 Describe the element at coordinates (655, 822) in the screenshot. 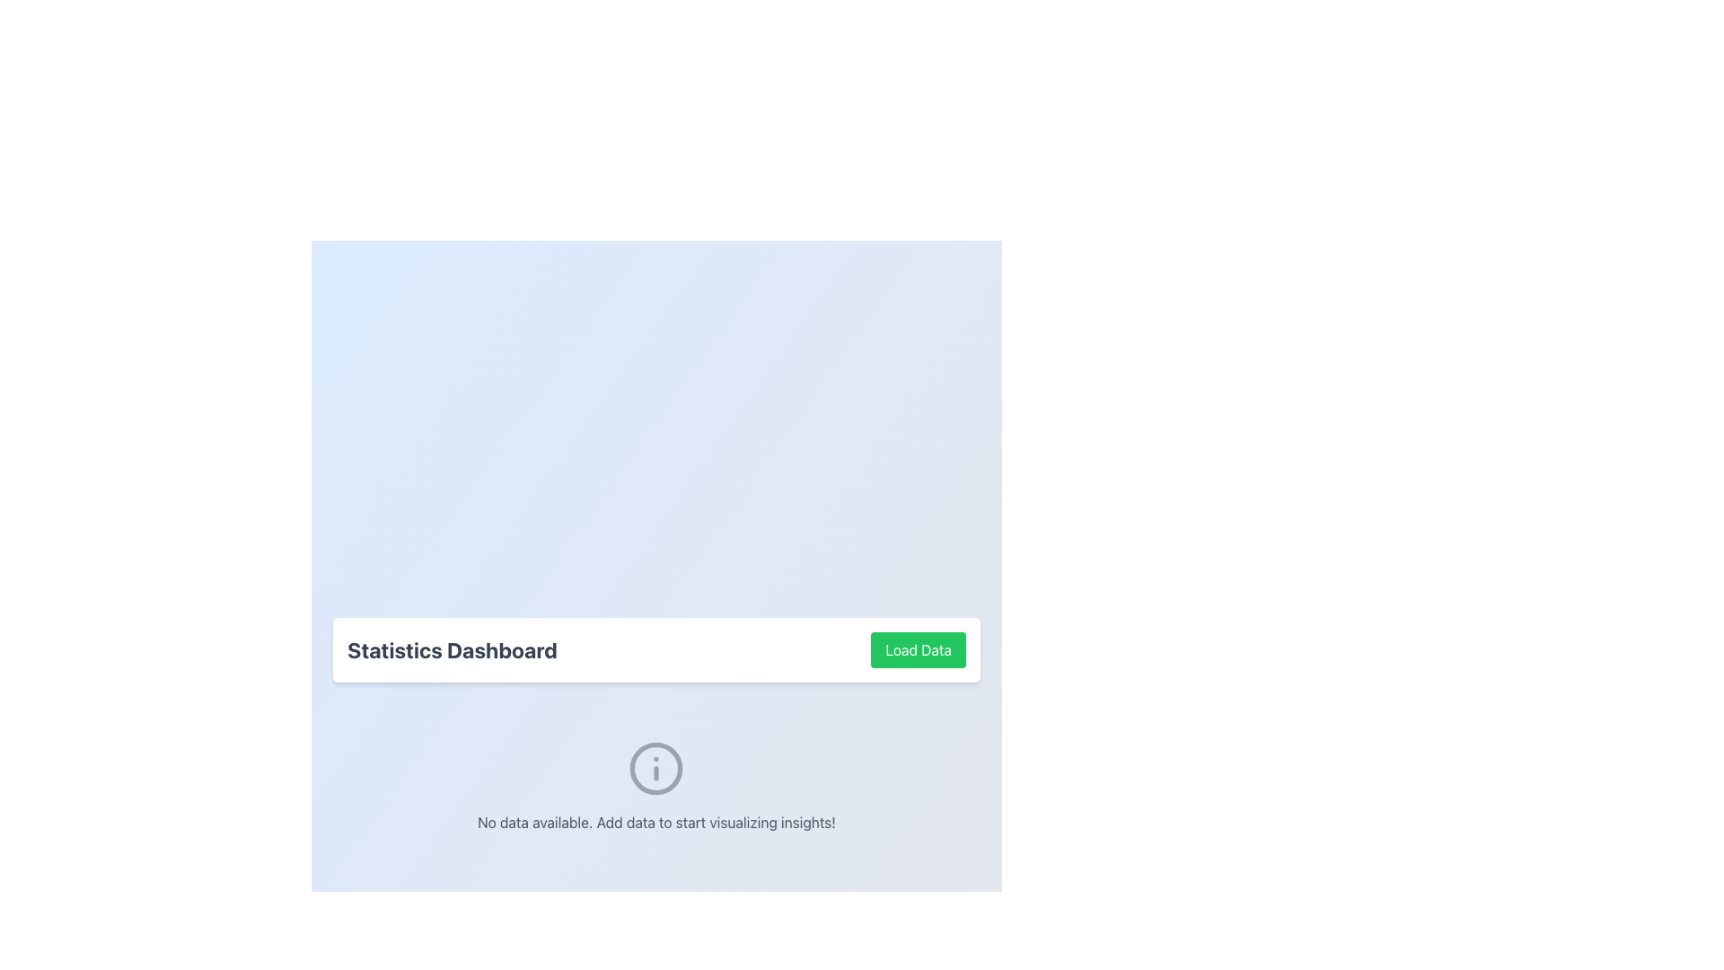

I see `the textual information display that shows the message 'No data available. Add data to start visualizing insights!'` at that location.